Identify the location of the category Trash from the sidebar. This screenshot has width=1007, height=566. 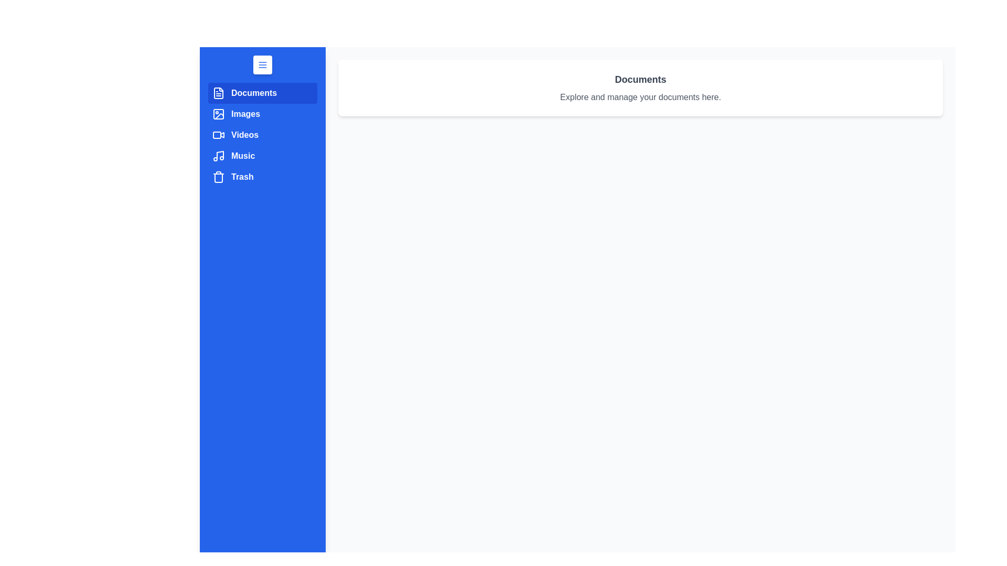
(262, 177).